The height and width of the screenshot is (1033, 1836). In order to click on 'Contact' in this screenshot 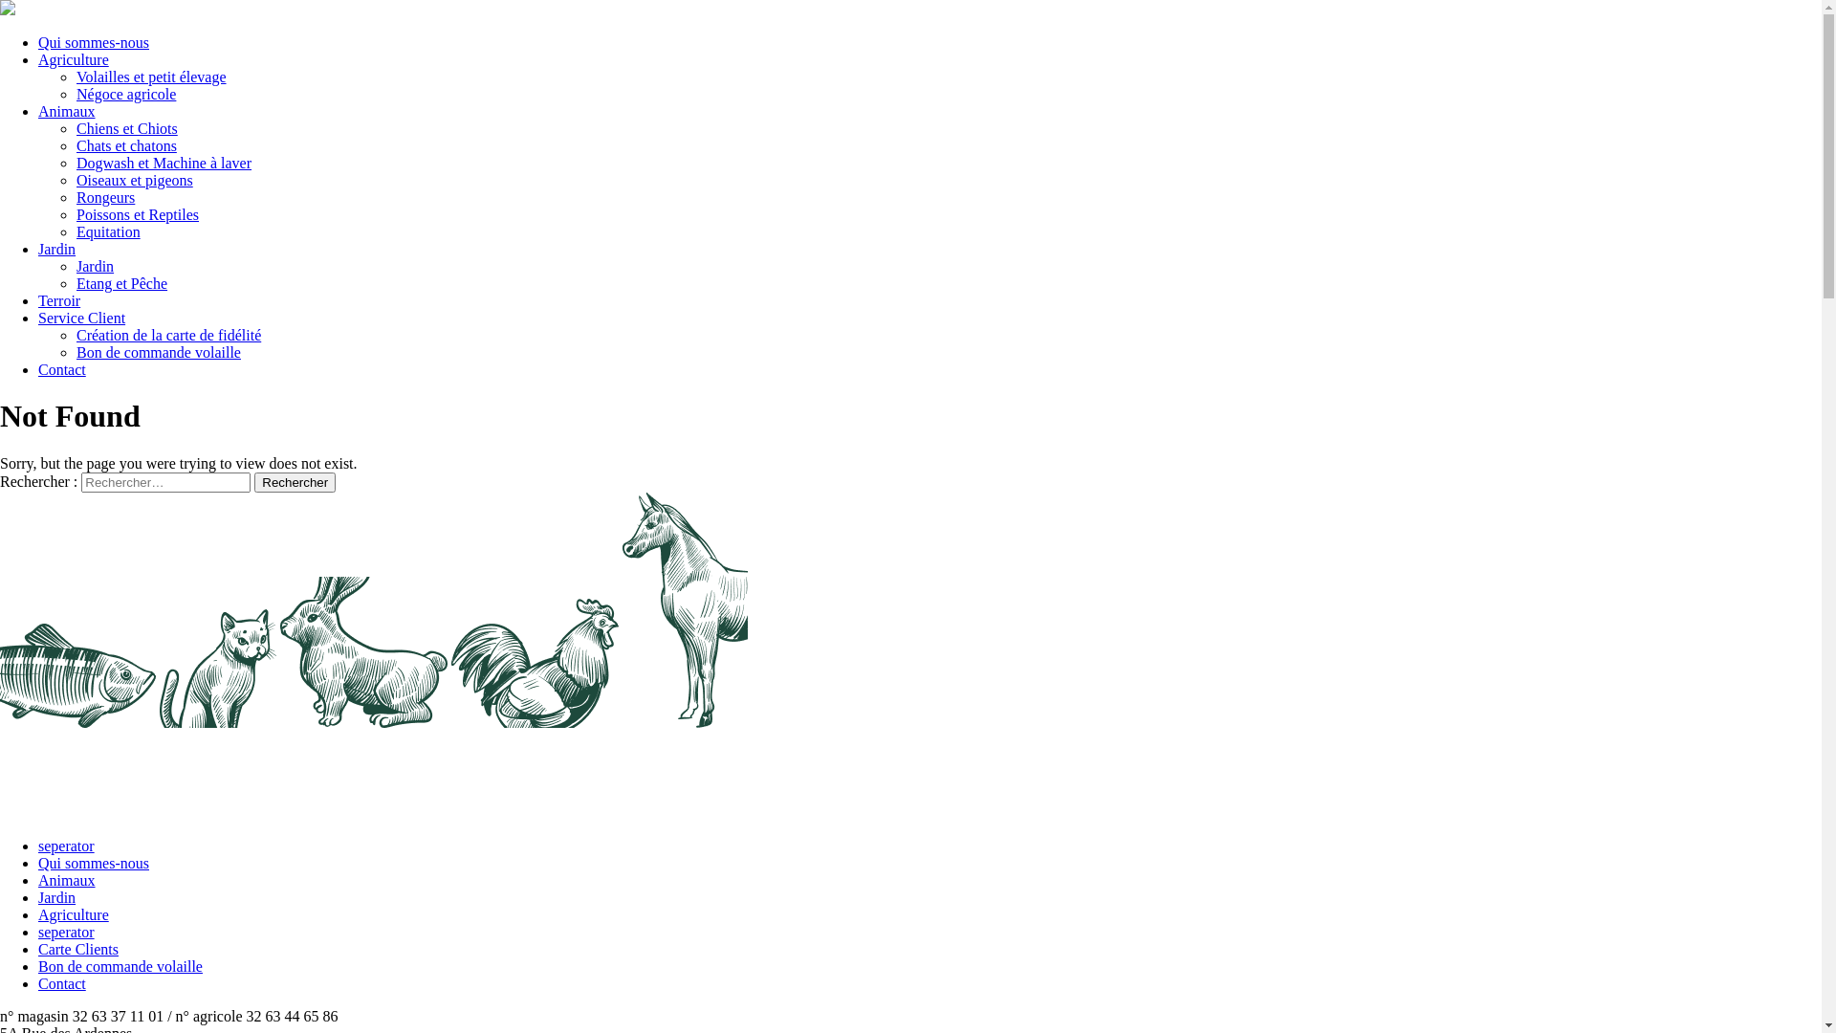, I will do `click(62, 983)`.